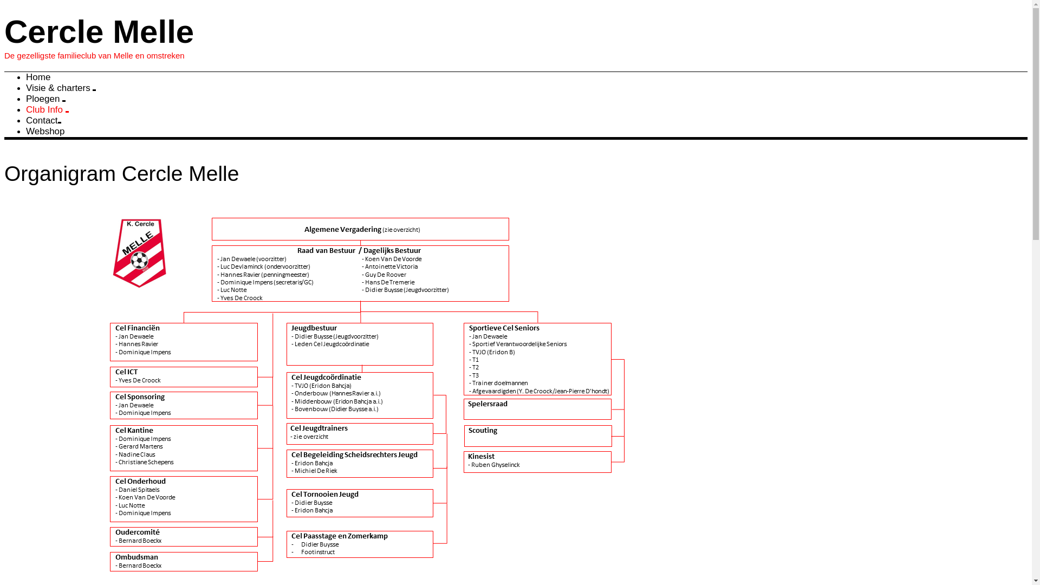 The width and height of the screenshot is (1040, 585). What do you see at coordinates (47, 109) in the screenshot?
I see `'Club Info'` at bounding box center [47, 109].